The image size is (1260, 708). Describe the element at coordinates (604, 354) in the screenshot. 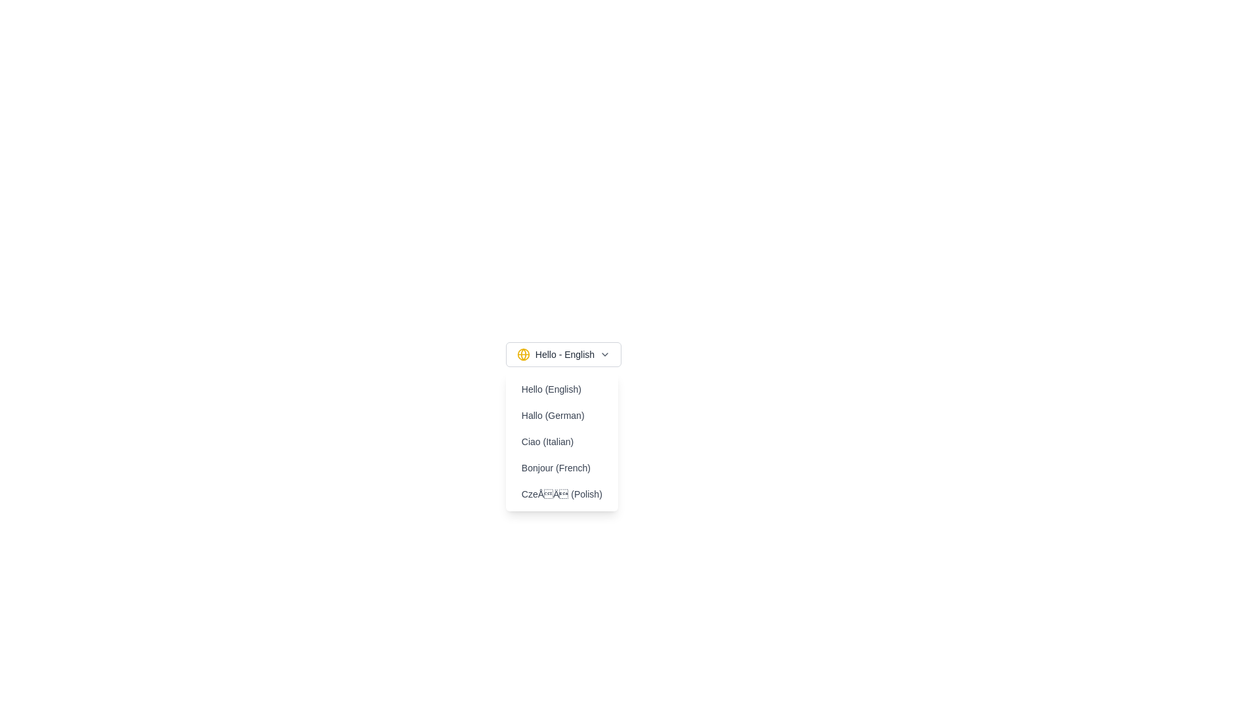

I see `the Dropdown Indicator Icon located to the right of the text 'Hello - English'` at that location.